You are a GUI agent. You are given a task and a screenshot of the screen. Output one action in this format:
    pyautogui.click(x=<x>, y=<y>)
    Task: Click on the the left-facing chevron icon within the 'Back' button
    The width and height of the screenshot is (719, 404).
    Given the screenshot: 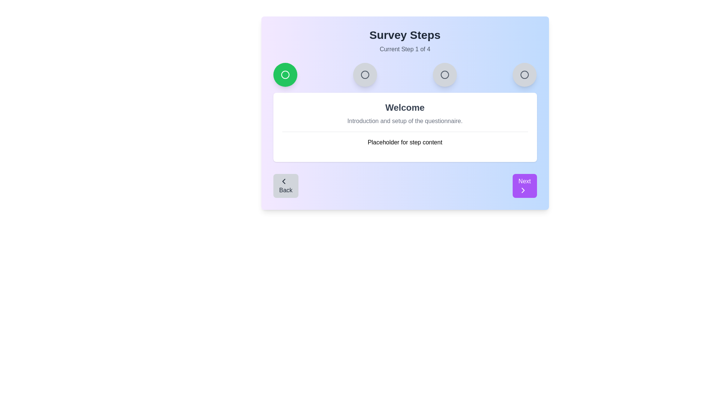 What is the action you would take?
    pyautogui.click(x=283, y=181)
    